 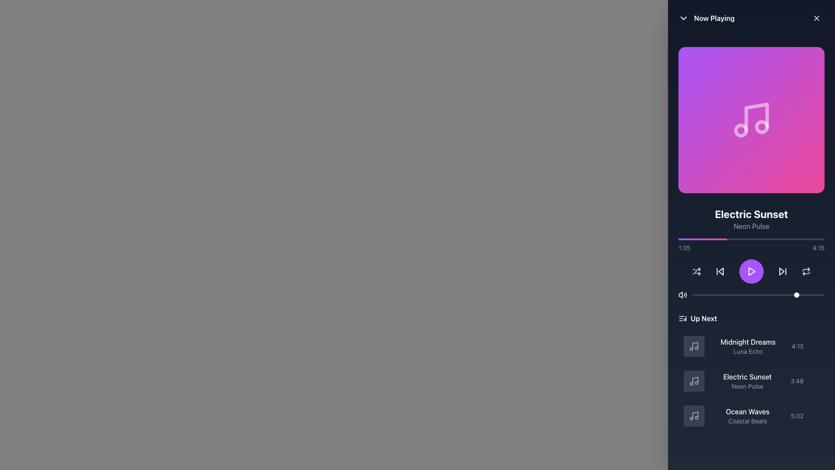 What do you see at coordinates (751, 380) in the screenshot?
I see `the second list item in the 'Up Next' section, which features the text header 'Electric Sunset', sub-text 'Neon Pulse', and duration '3:48'` at bounding box center [751, 380].